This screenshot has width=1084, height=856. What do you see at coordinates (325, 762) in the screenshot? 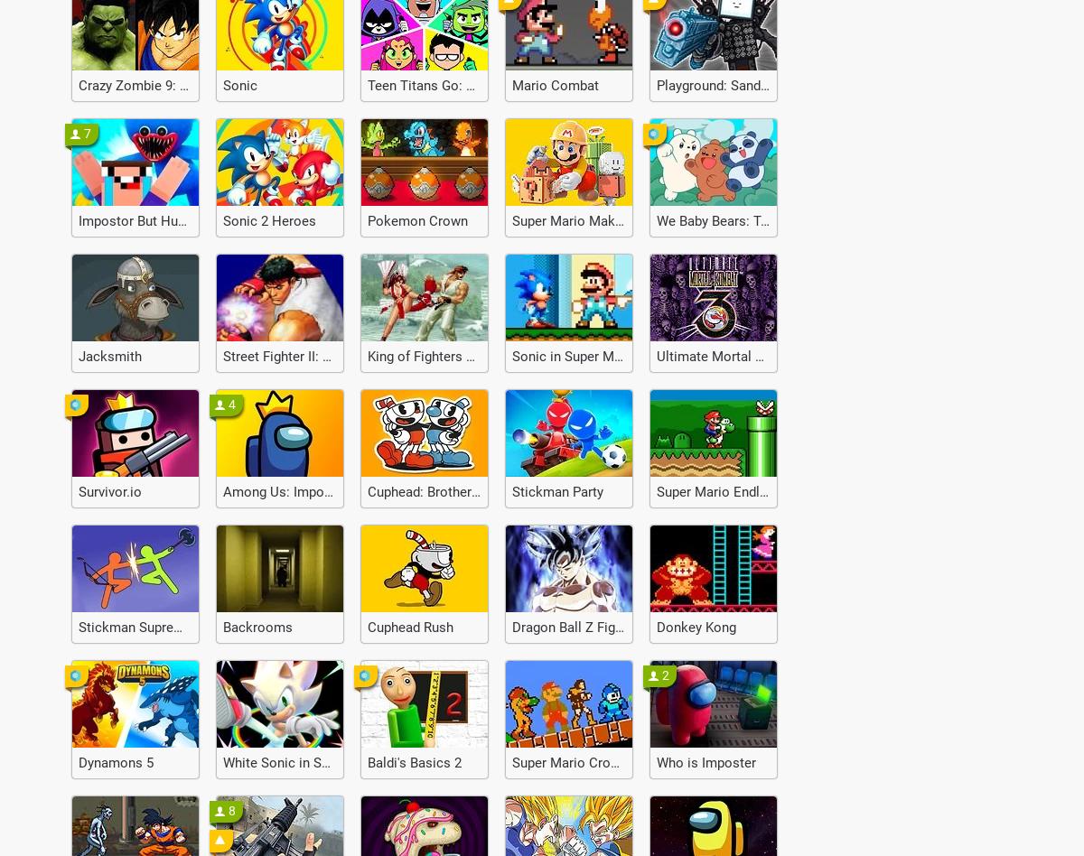
I see `'White Sonic in Sonic 3 & Knuckles'` at bounding box center [325, 762].